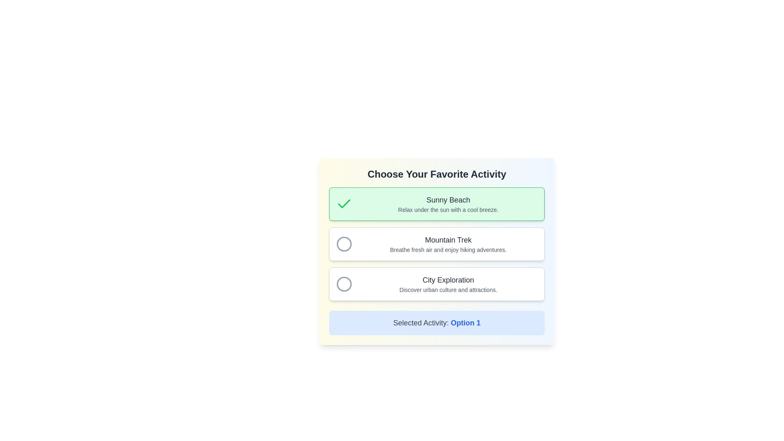  Describe the element at coordinates (437, 174) in the screenshot. I see `text label that says 'Choose Your Favorite Activity', which is a large, bold text located at the top of the content box` at that location.